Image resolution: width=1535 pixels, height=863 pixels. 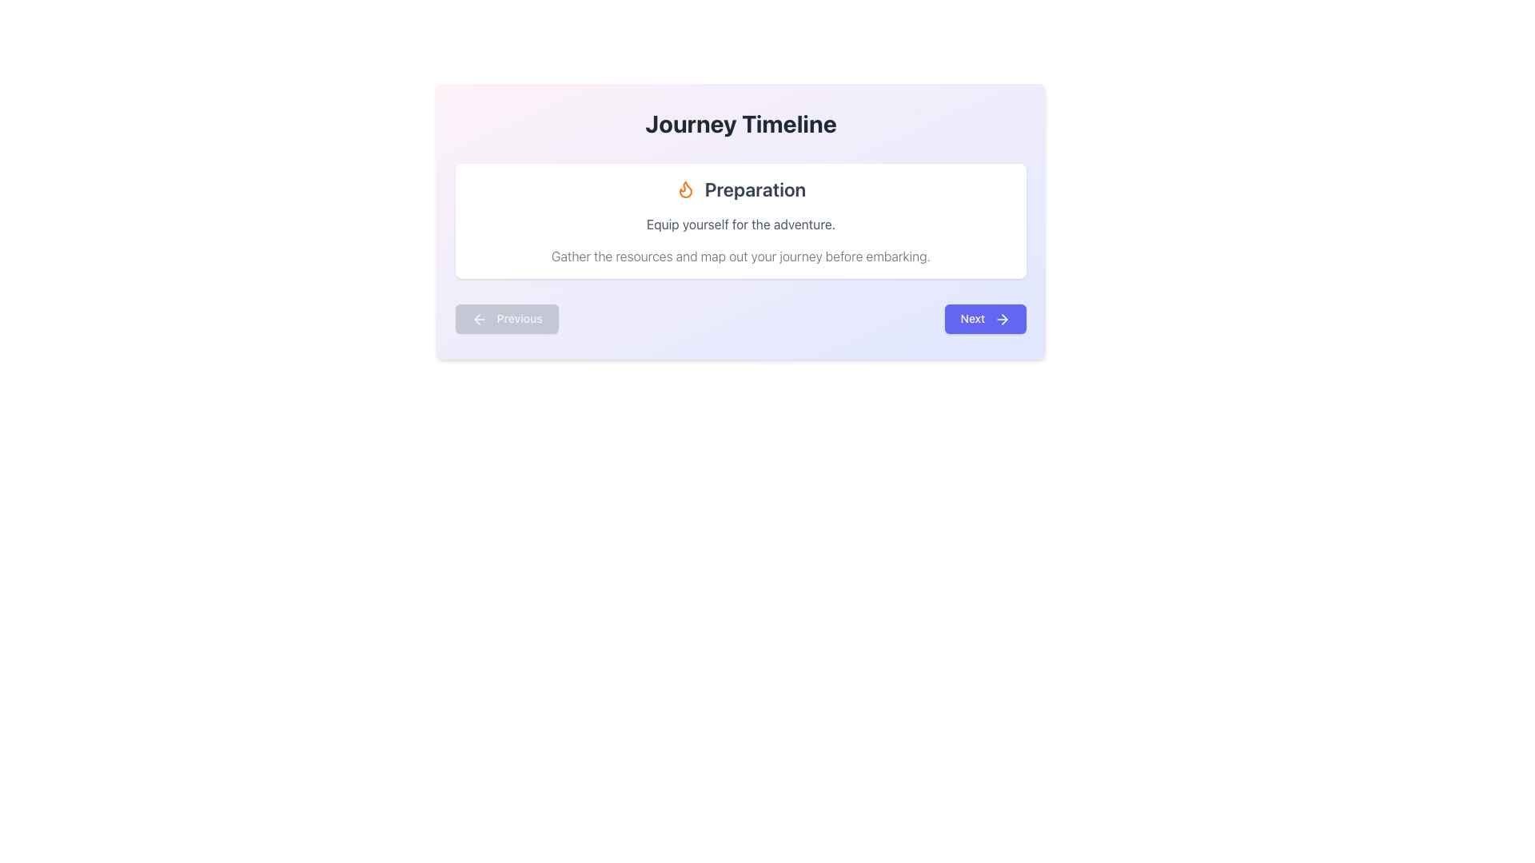 What do you see at coordinates (685, 188) in the screenshot?
I see `the orange flame icon located to the left of the text 'Preparation' in the interface` at bounding box center [685, 188].